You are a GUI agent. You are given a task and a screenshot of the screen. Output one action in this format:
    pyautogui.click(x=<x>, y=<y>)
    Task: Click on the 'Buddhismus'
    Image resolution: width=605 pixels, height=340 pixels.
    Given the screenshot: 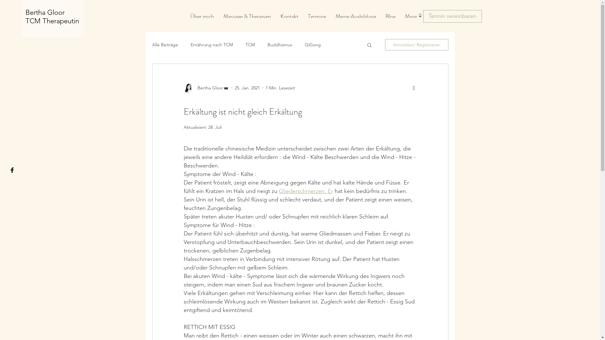 What is the action you would take?
    pyautogui.click(x=279, y=44)
    